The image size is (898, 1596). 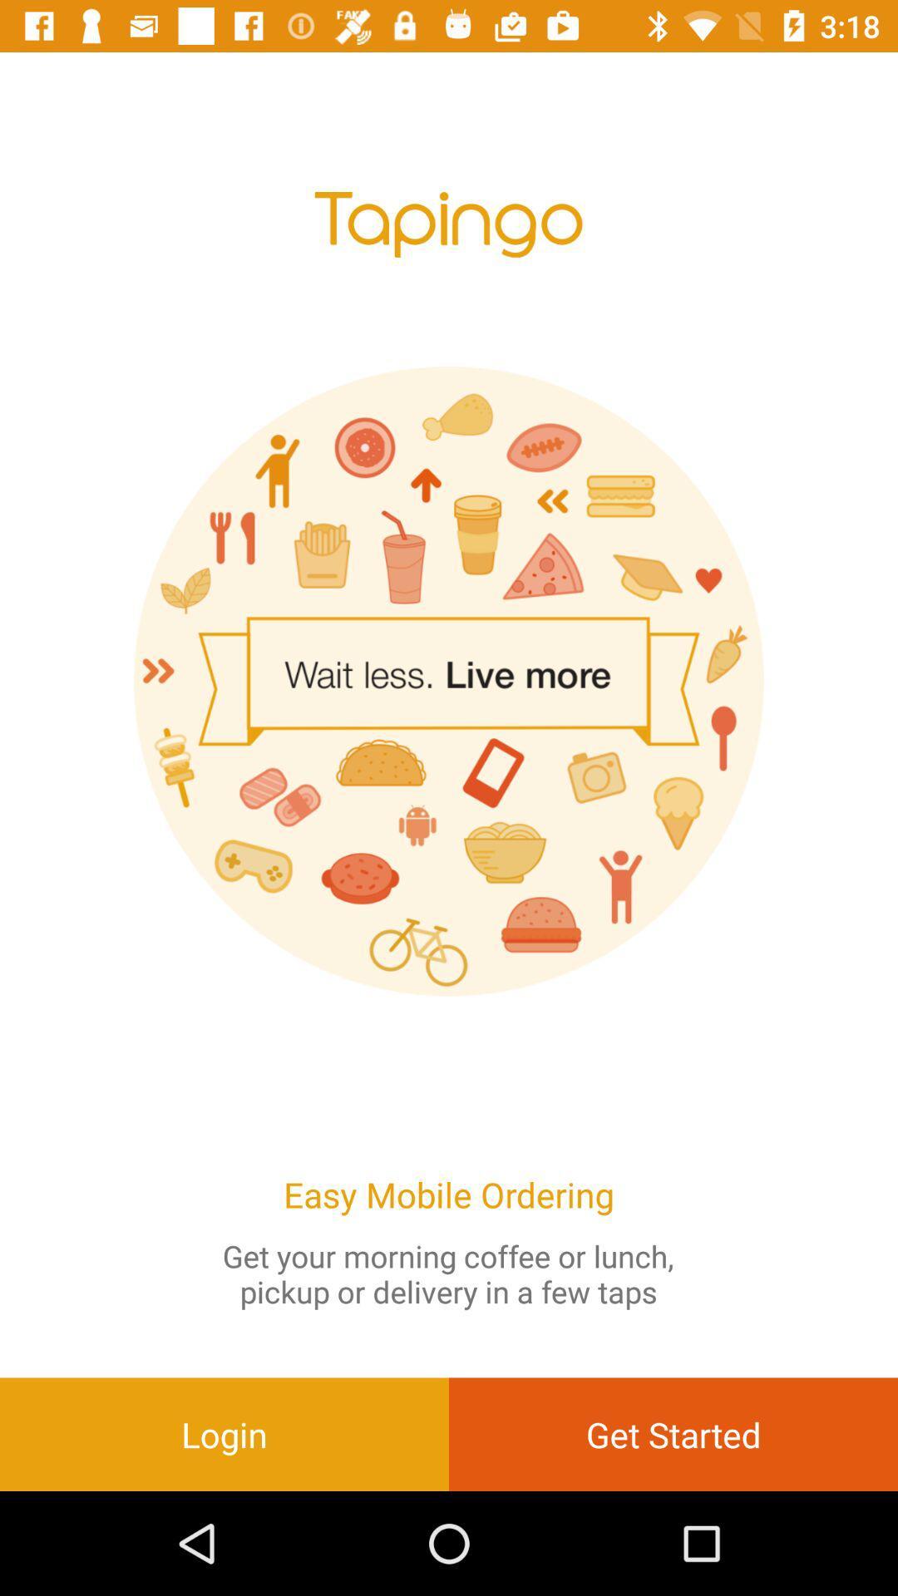 I want to click on the item to the right of login item, so click(x=673, y=1433).